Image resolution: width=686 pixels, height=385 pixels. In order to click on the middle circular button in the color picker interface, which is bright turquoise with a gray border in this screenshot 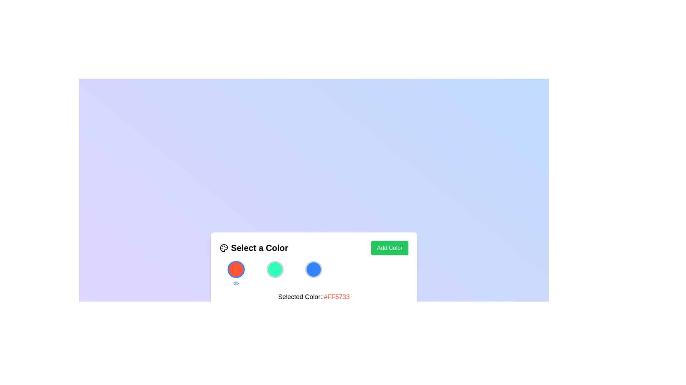, I will do `click(274, 269)`.